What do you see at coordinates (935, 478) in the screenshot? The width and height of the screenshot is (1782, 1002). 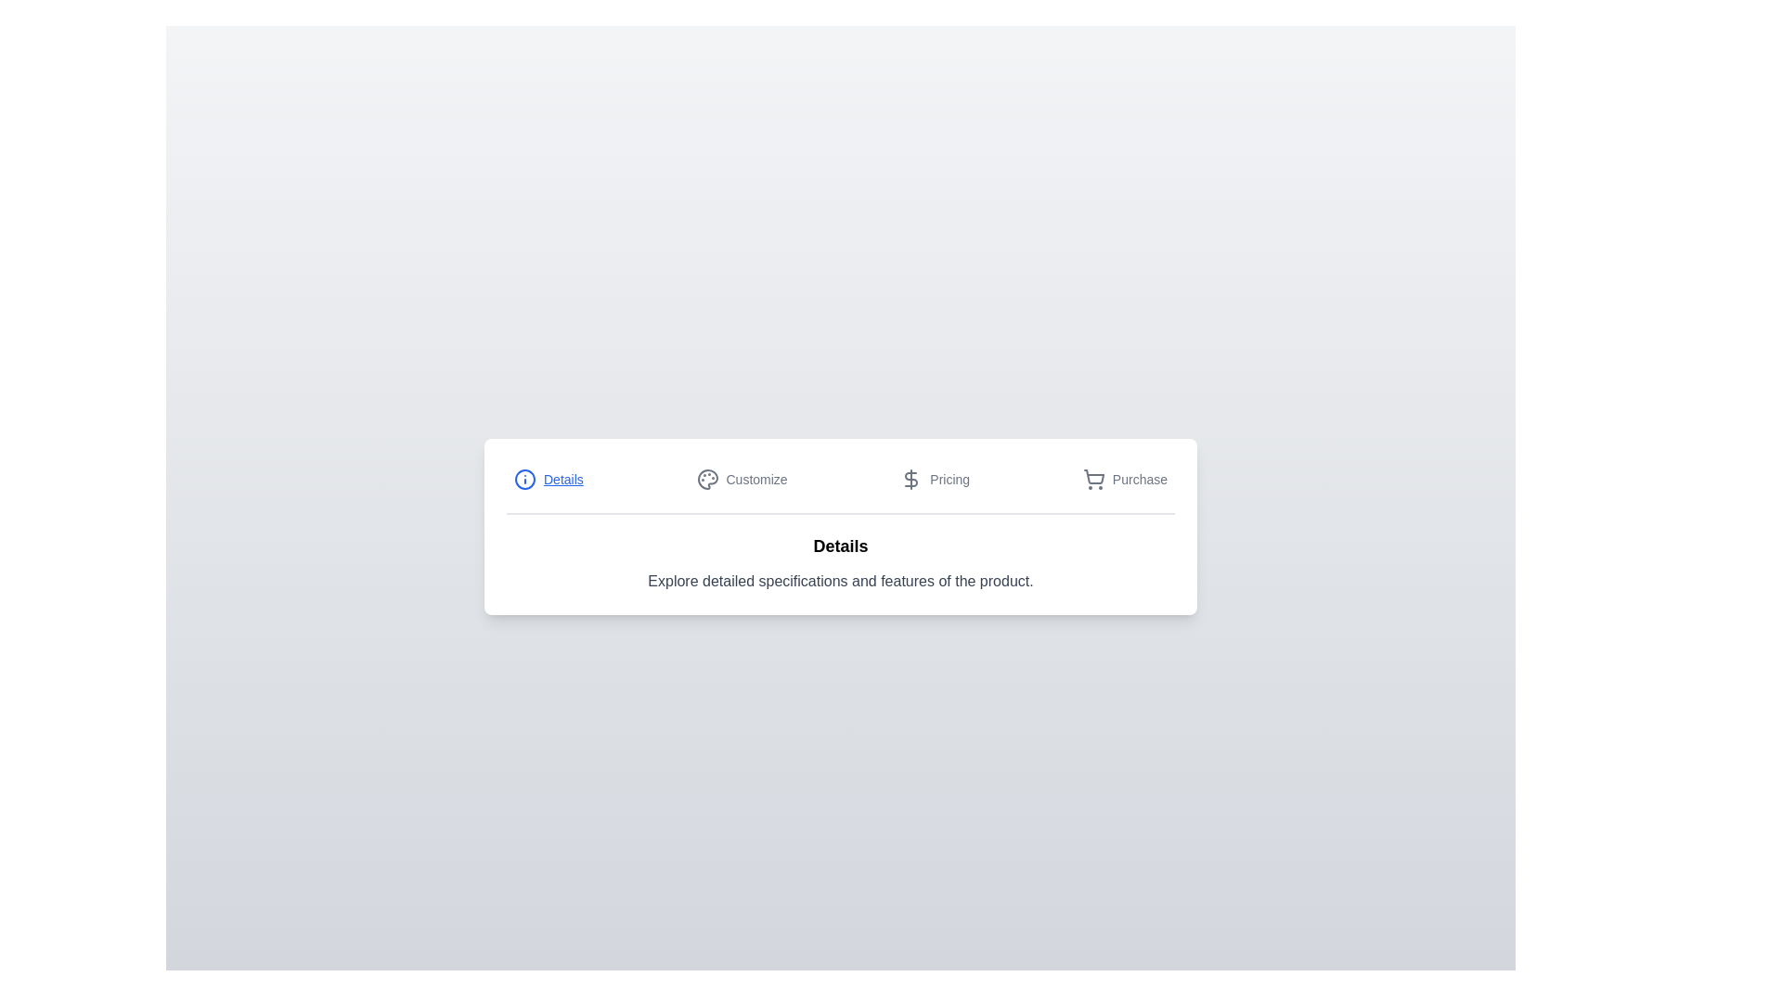 I see `the Pricing tab` at bounding box center [935, 478].